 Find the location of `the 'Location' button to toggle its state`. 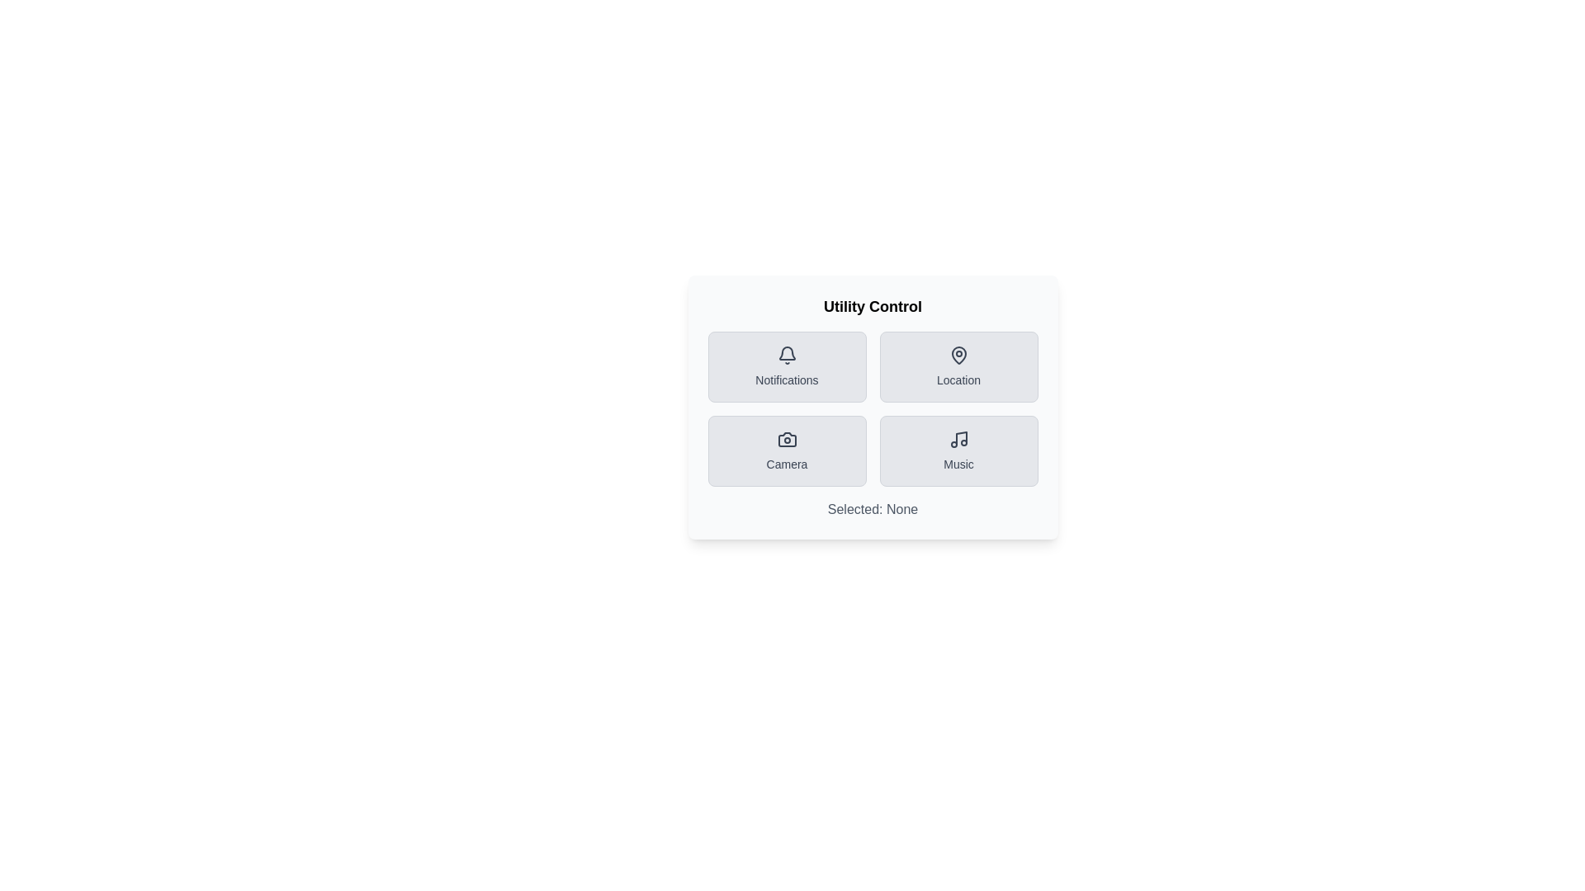

the 'Location' button to toggle its state is located at coordinates (958, 365).